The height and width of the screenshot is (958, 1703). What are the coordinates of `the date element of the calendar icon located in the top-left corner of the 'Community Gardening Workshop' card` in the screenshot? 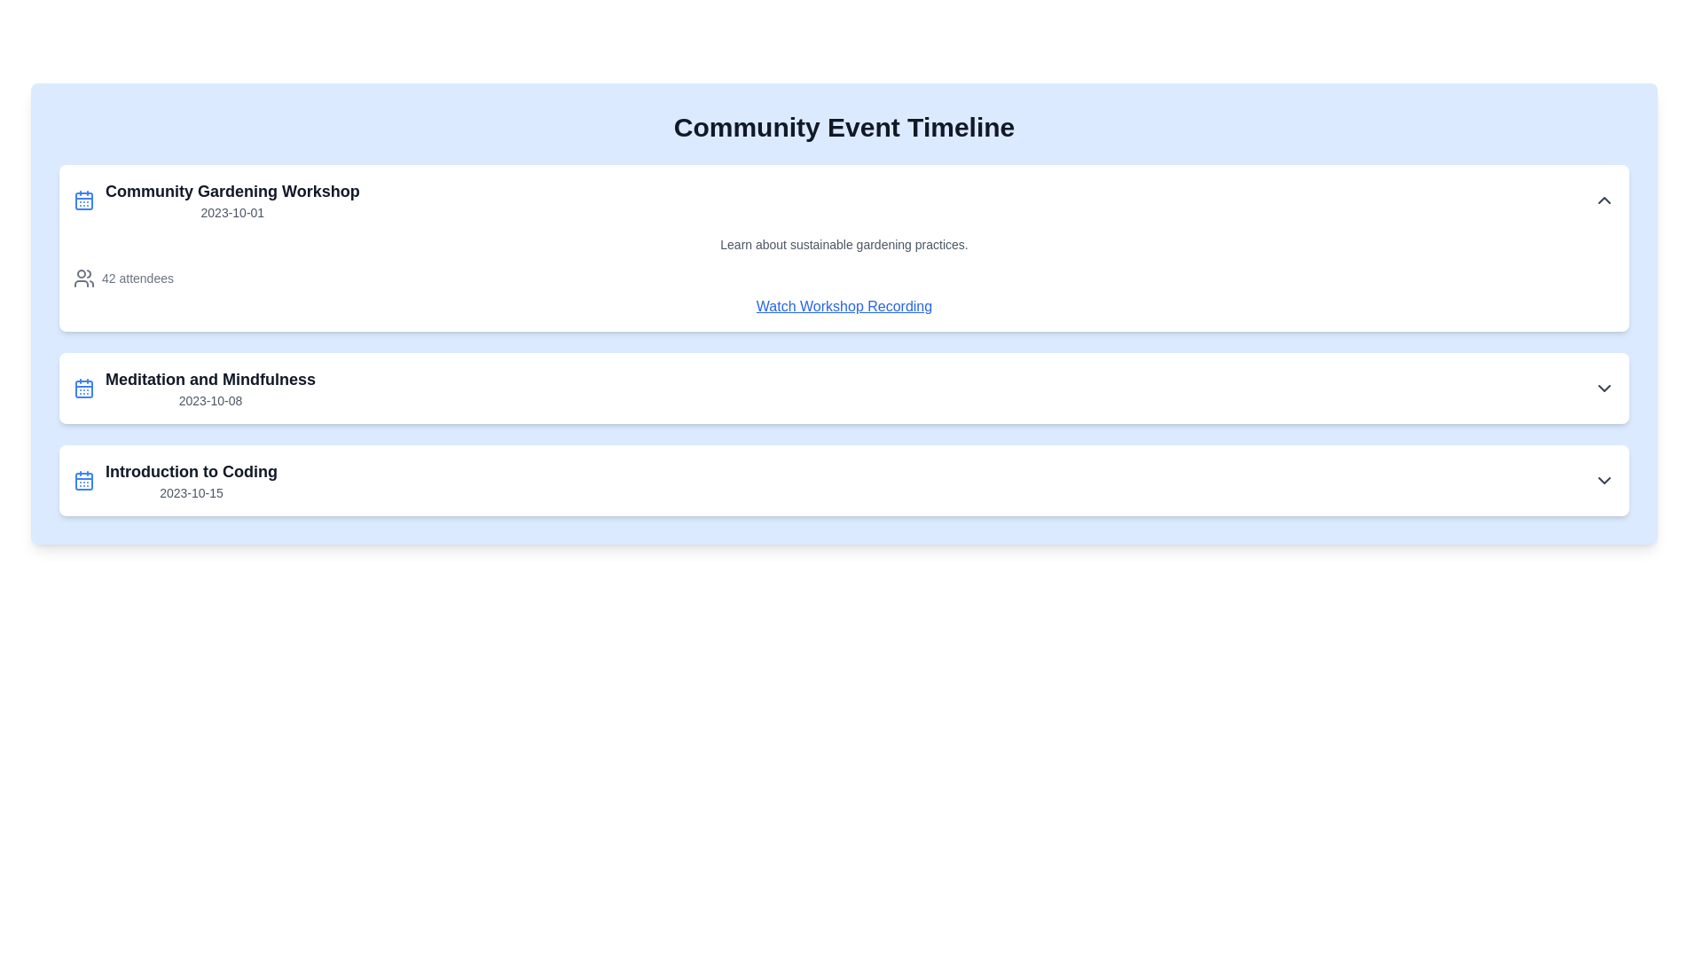 It's located at (83, 200).